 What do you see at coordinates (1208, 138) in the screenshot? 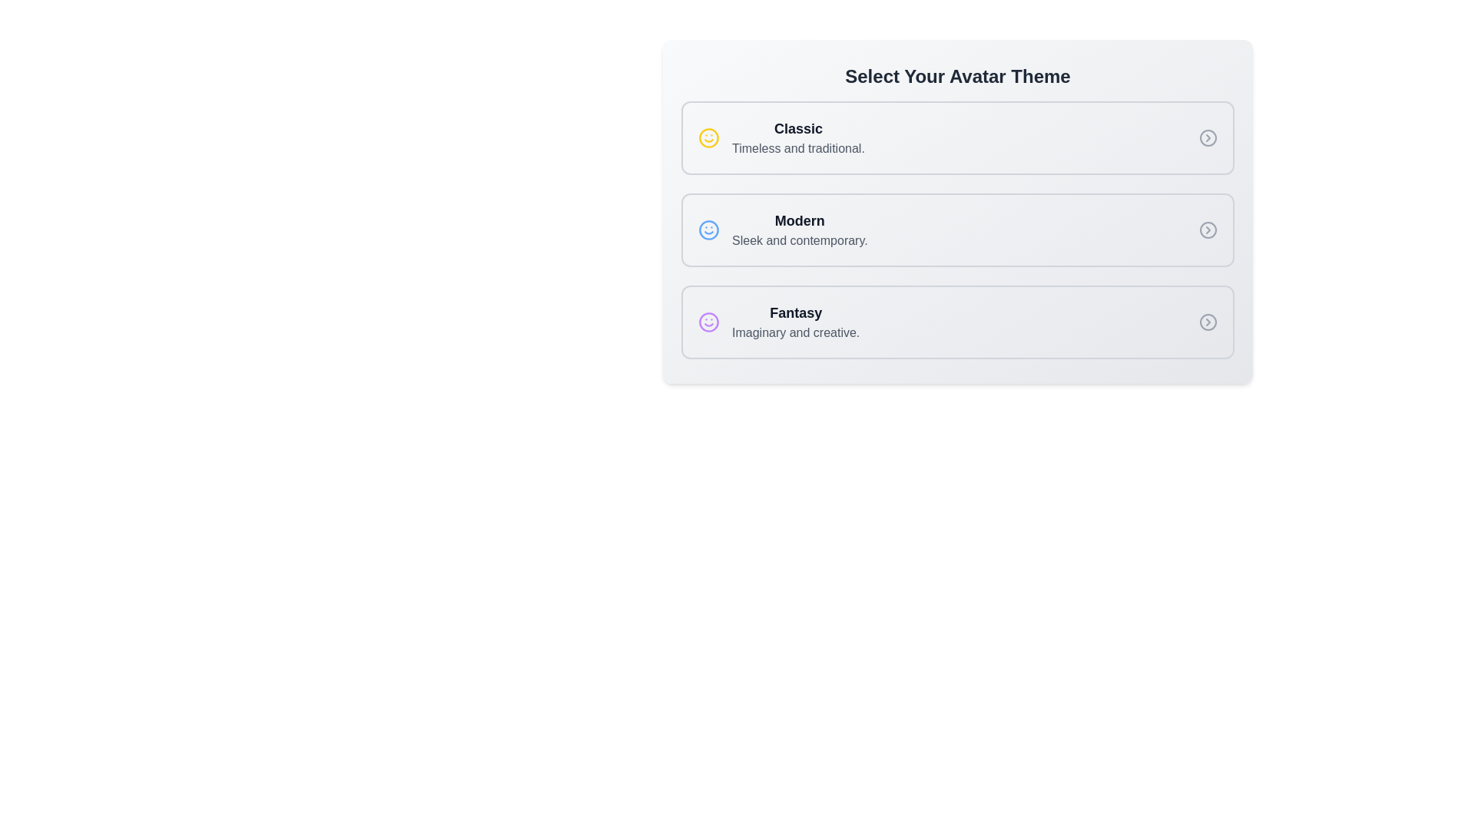
I see `the small circular Chevron icon with a gray outline and white background, located on the far right of the 'Classic' selection box, aligned horizontally with the text 'Classic Timeless and traditional.'` at bounding box center [1208, 138].